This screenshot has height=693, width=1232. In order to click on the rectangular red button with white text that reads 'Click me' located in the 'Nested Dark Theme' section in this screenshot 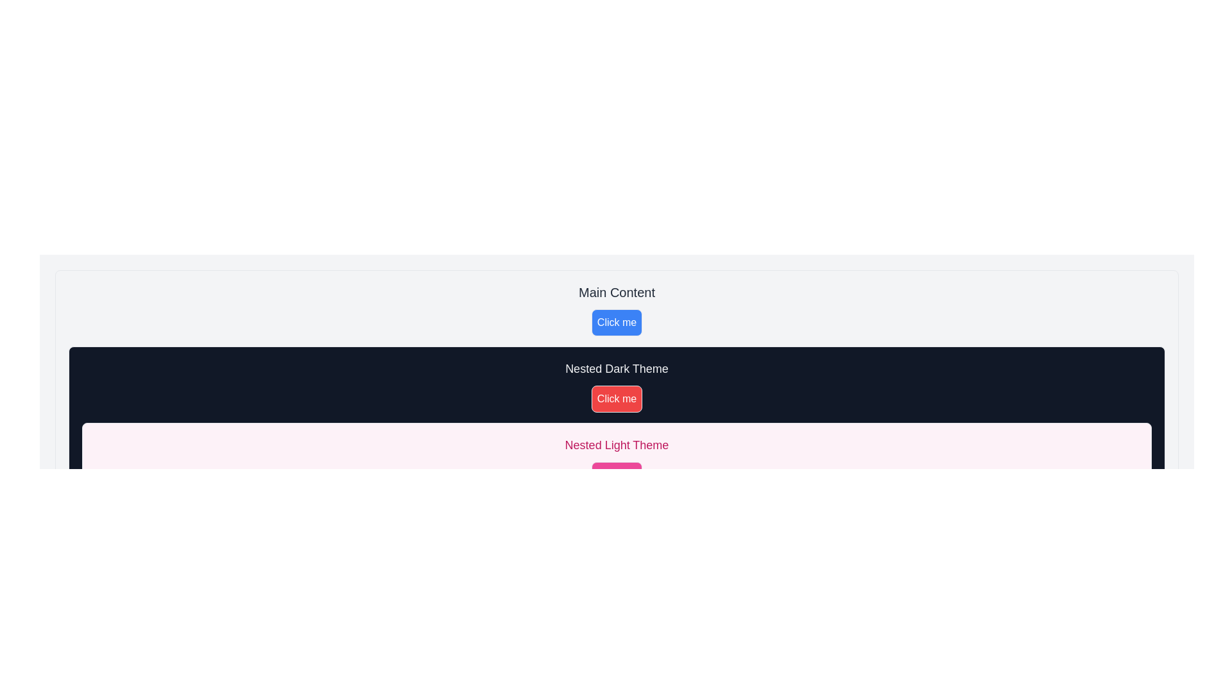, I will do `click(617, 398)`.